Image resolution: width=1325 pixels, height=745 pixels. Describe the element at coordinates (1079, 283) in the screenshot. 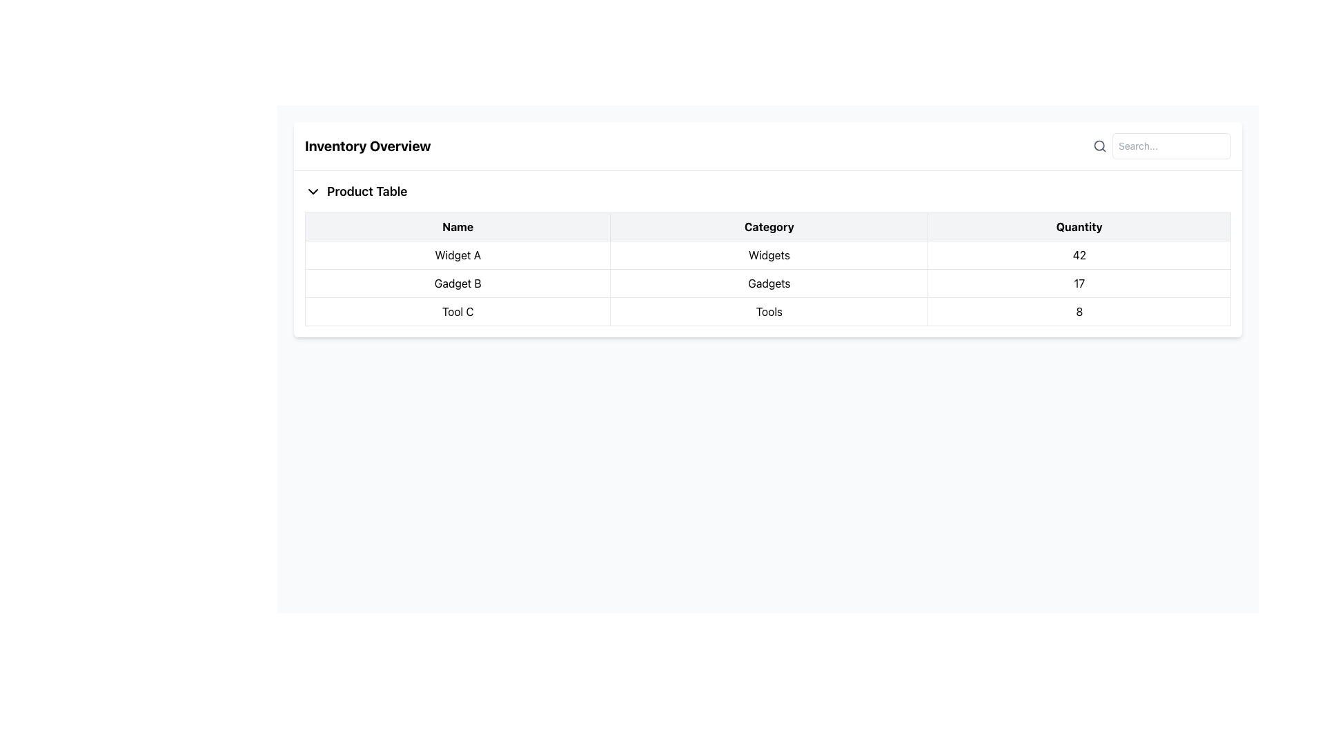

I see `the quantity text for 'Gadget B' located in the third column under the 'Quantity' header in the table` at that location.